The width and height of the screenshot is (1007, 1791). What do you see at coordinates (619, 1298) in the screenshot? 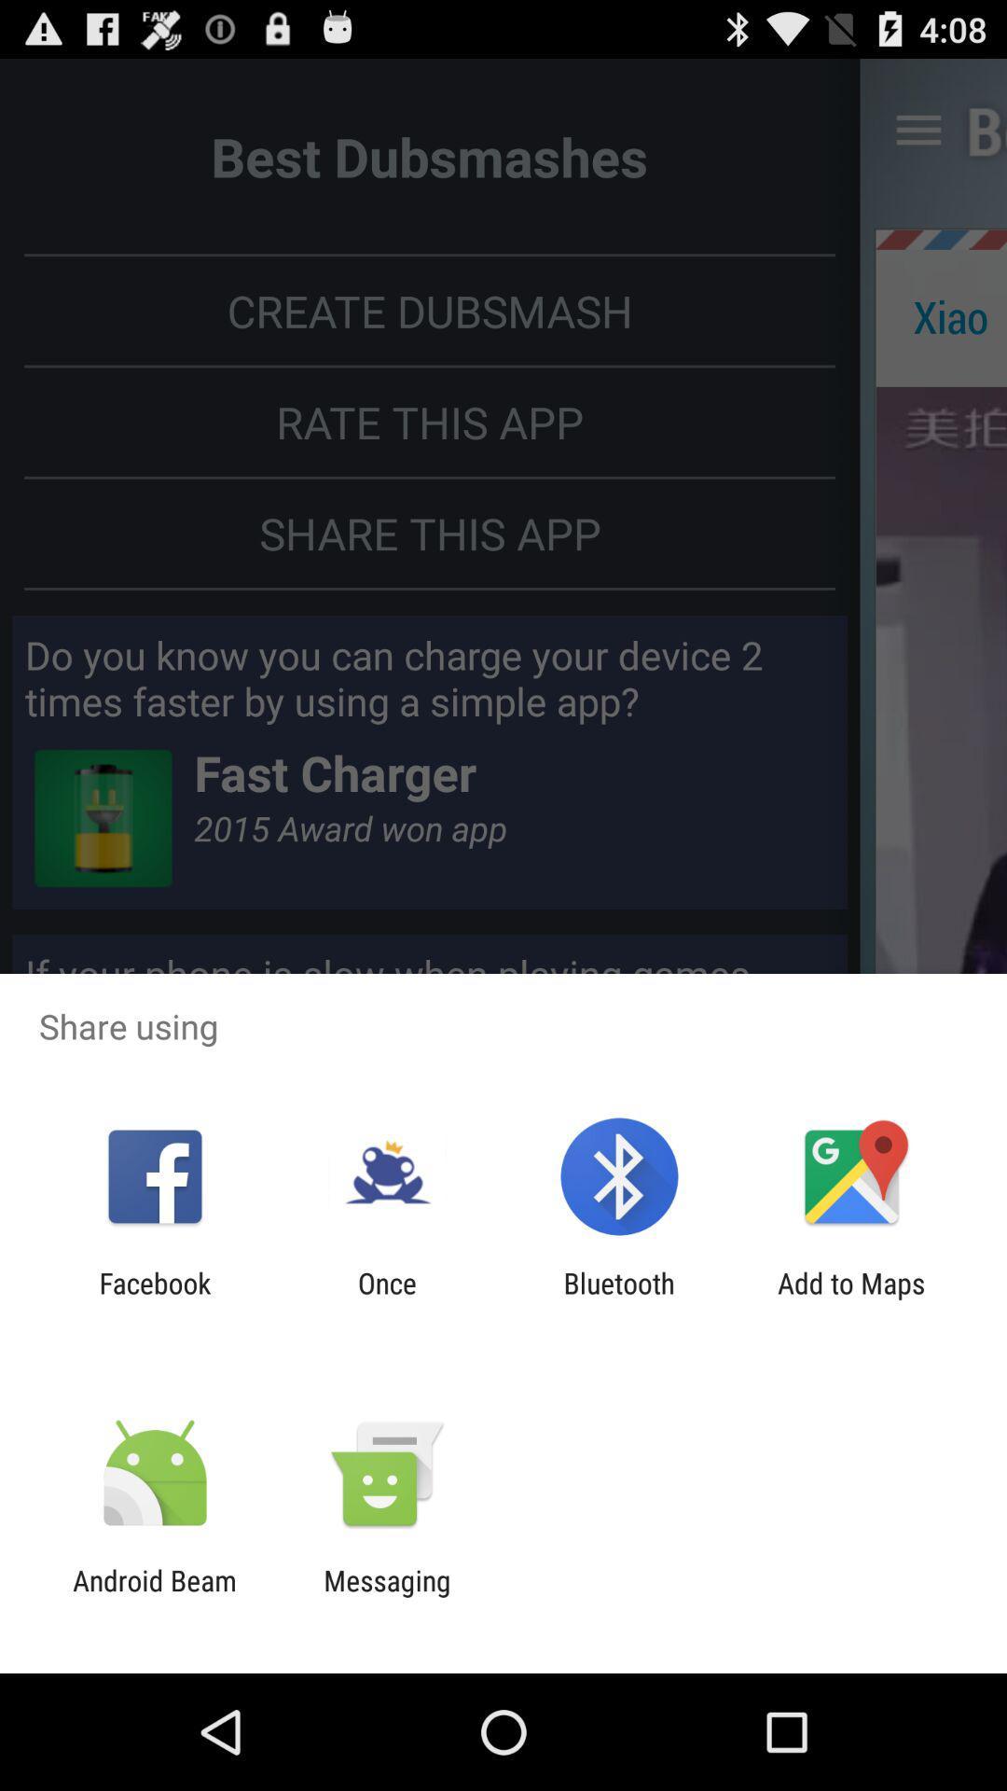
I see `the icon to the left of add to maps` at bounding box center [619, 1298].